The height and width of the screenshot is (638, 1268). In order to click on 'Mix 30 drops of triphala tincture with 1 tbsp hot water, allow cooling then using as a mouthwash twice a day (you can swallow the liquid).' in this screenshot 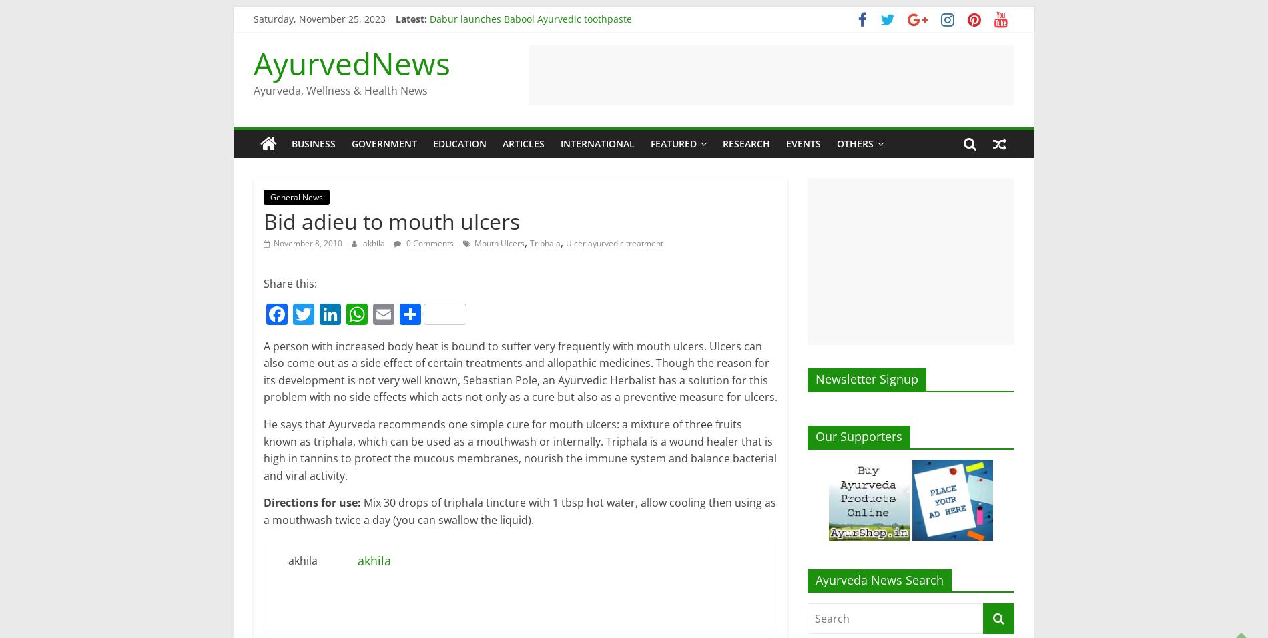, I will do `click(519, 510)`.